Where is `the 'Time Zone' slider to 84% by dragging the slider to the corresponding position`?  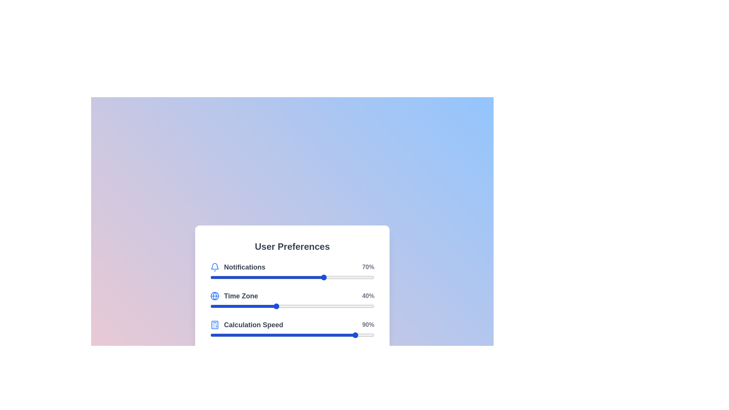 the 'Time Zone' slider to 84% by dragging the slider to the corresponding position is located at coordinates (347, 306).